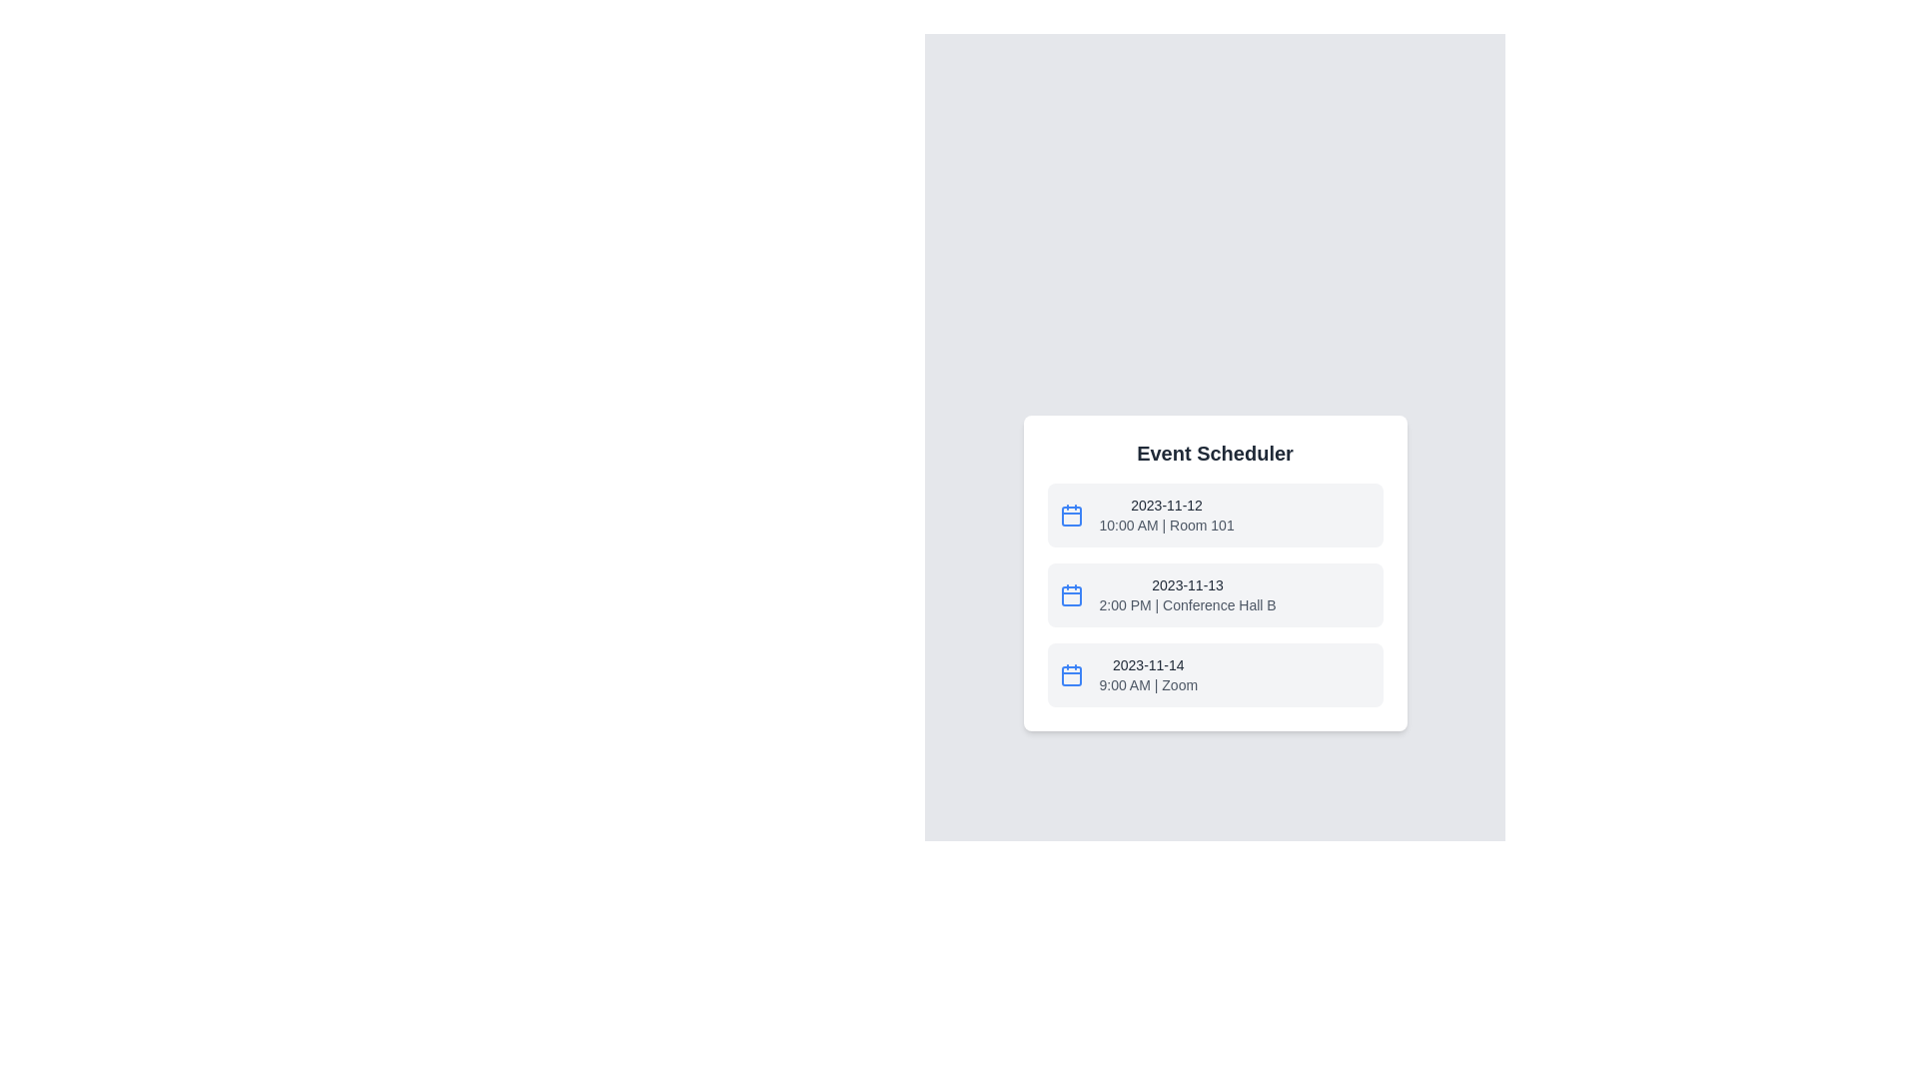 This screenshot has width=1918, height=1079. Describe the element at coordinates (1070, 675) in the screenshot. I see `the calendar icon representing the event dated 2023-11-14, which is the last icon in the list, to visually identify the schedule associated with it` at that location.